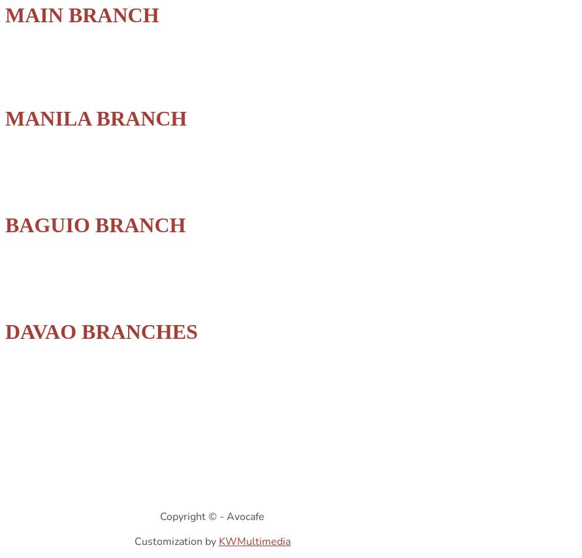 Image resolution: width=582 pixels, height=558 pixels. I want to click on 'KWMultimedia', so click(254, 542).